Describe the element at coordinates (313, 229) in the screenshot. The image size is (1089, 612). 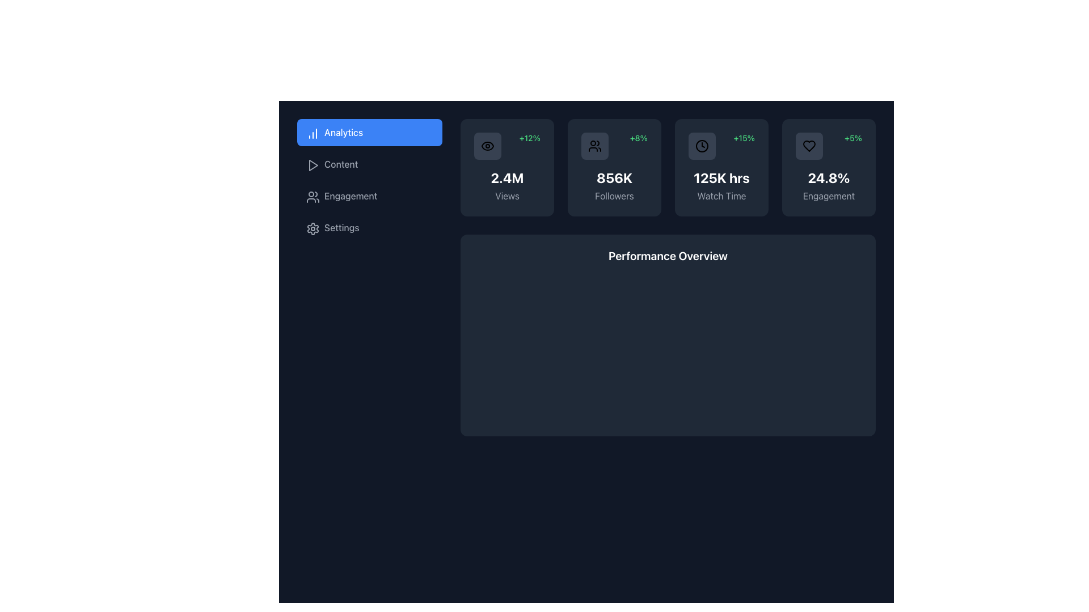
I see `the graphical gear icon representing settings in the left-hand navigation menu, which is a larger cog-shaped figure with concentric layers of stylized protrusions` at that location.